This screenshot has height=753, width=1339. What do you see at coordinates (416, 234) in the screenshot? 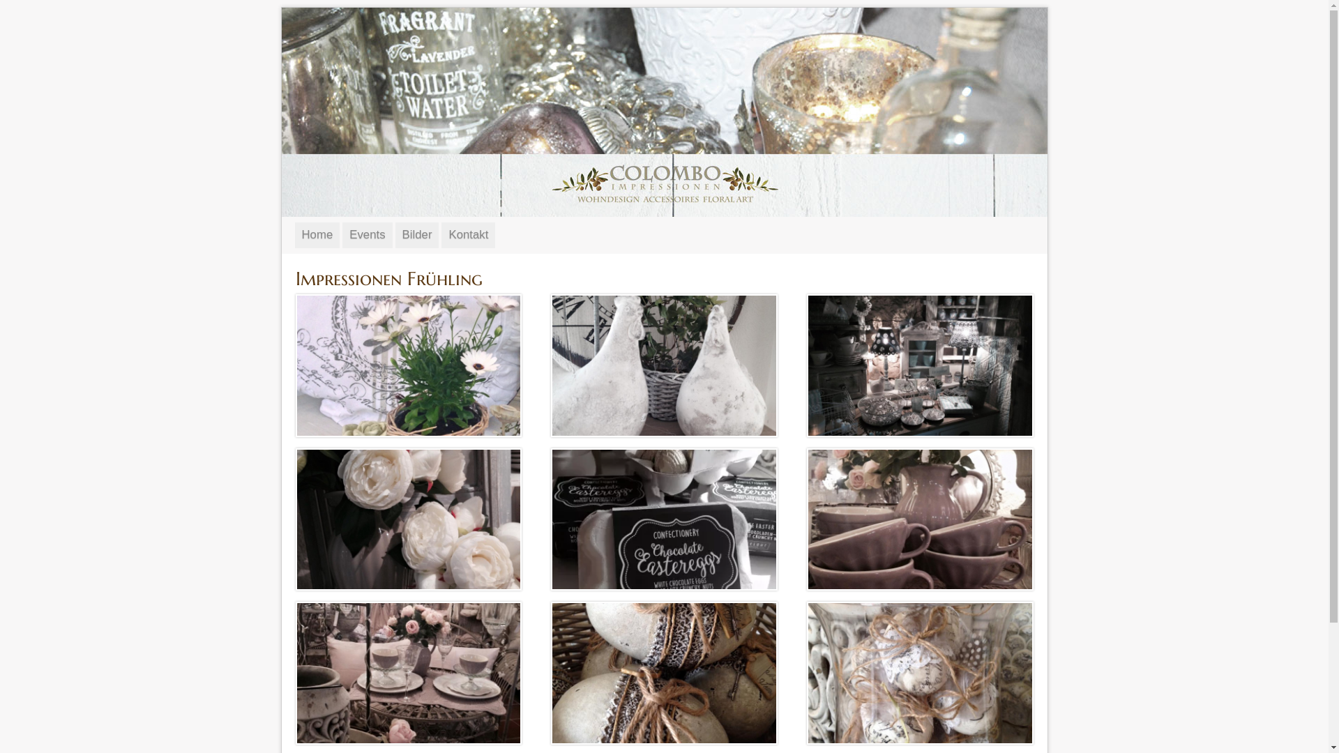
I see `'Bilder'` at bounding box center [416, 234].